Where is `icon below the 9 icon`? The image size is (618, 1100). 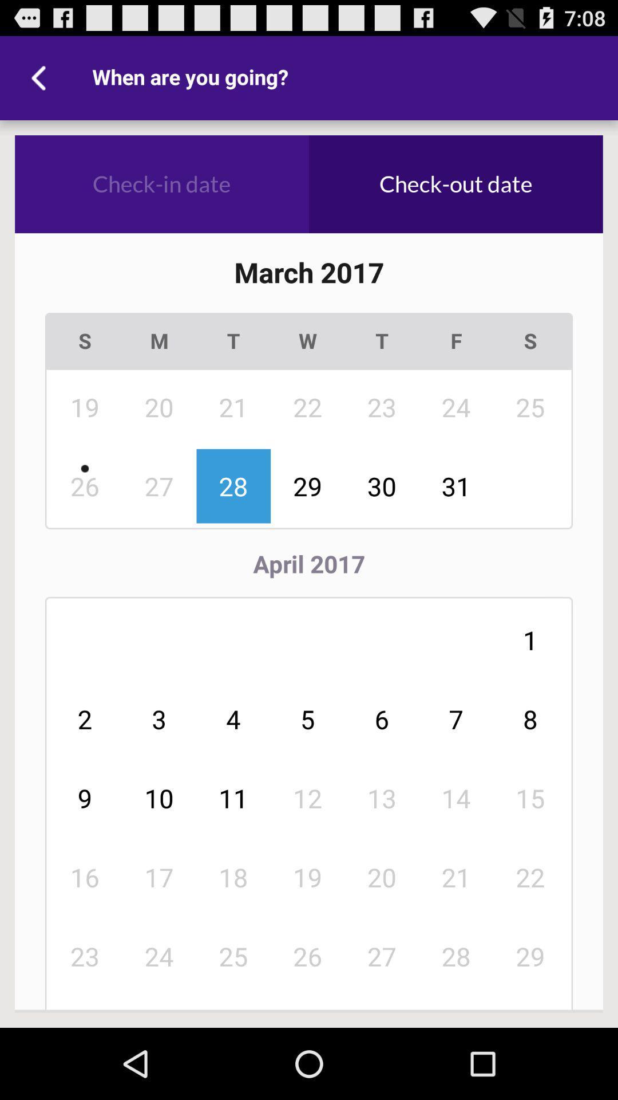 icon below the 9 icon is located at coordinates (159, 877).